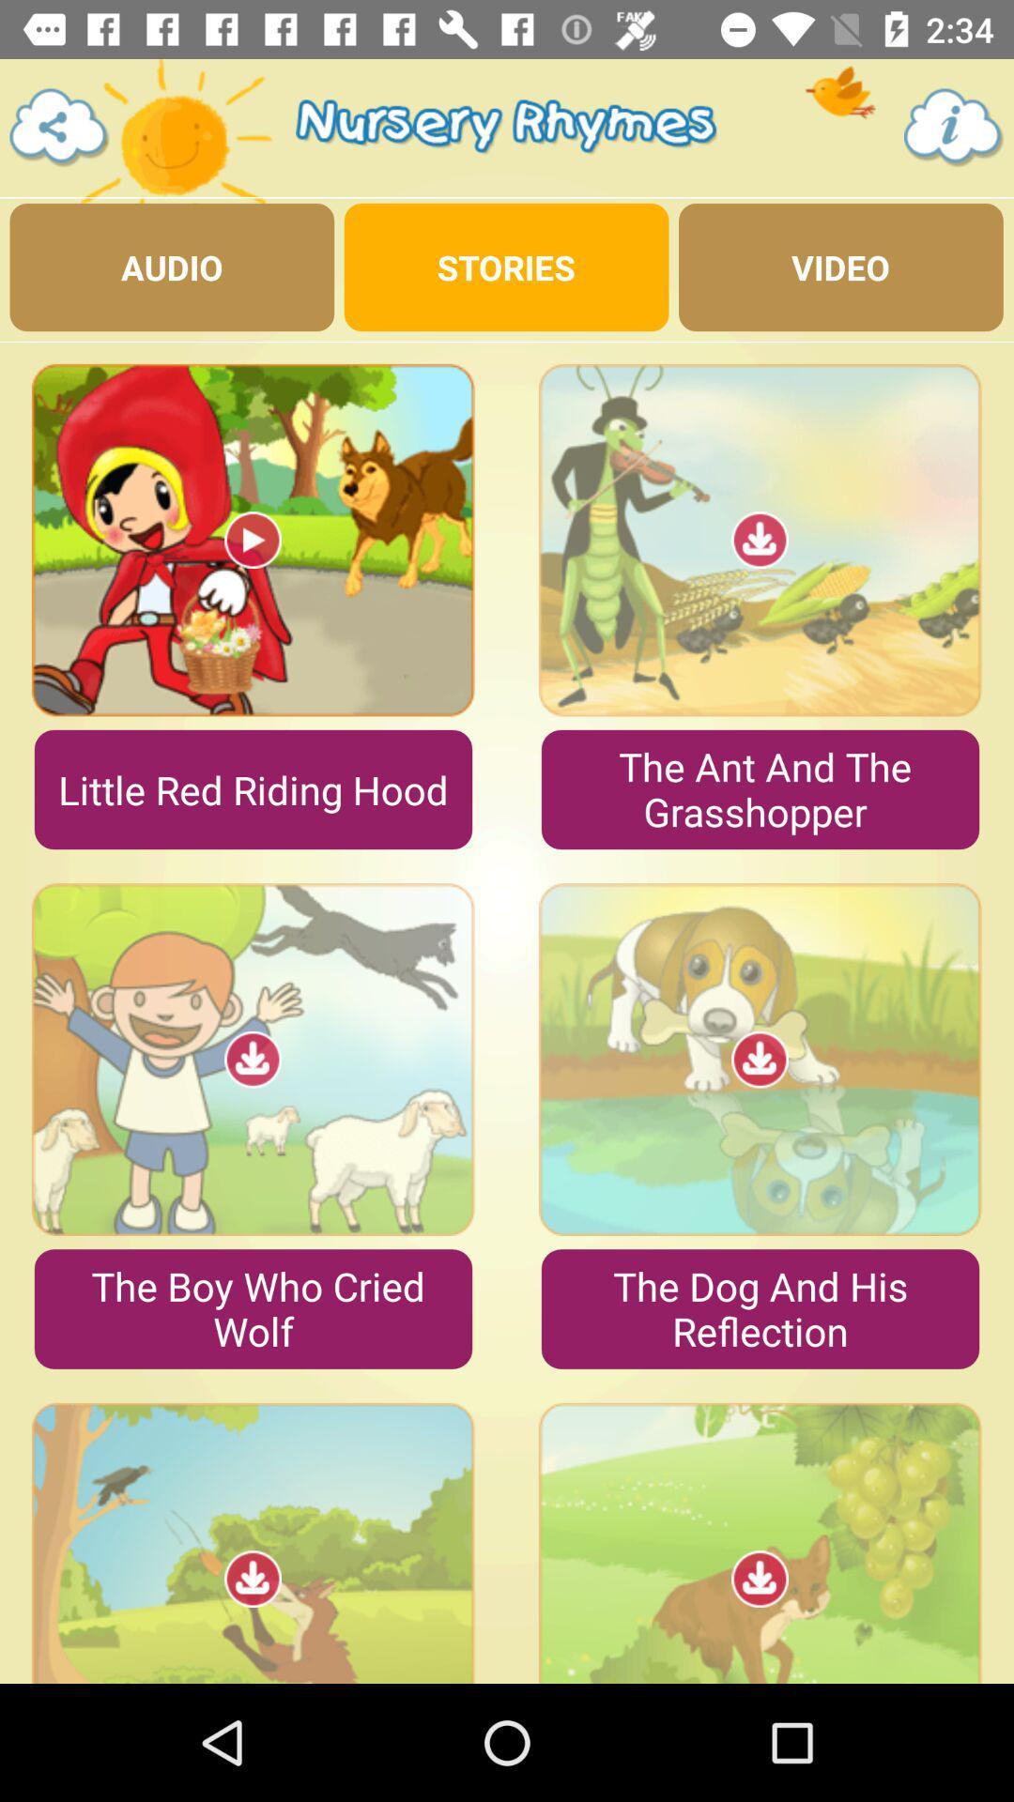 This screenshot has height=1802, width=1014. What do you see at coordinates (954, 127) in the screenshot?
I see `the info icon` at bounding box center [954, 127].